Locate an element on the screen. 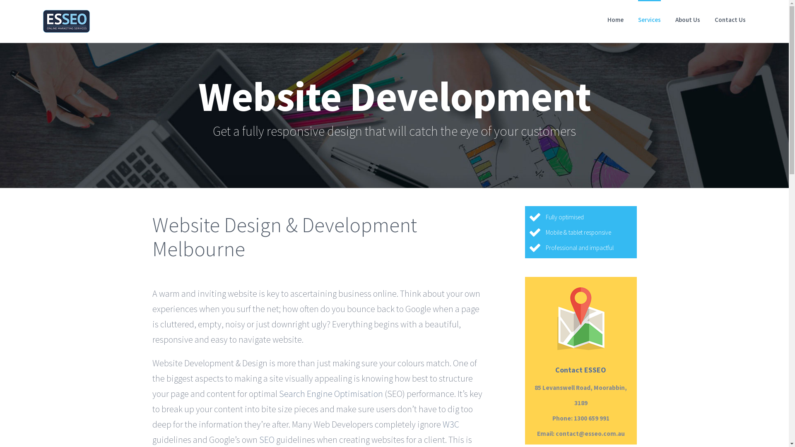  'Home' is located at coordinates (615, 19).